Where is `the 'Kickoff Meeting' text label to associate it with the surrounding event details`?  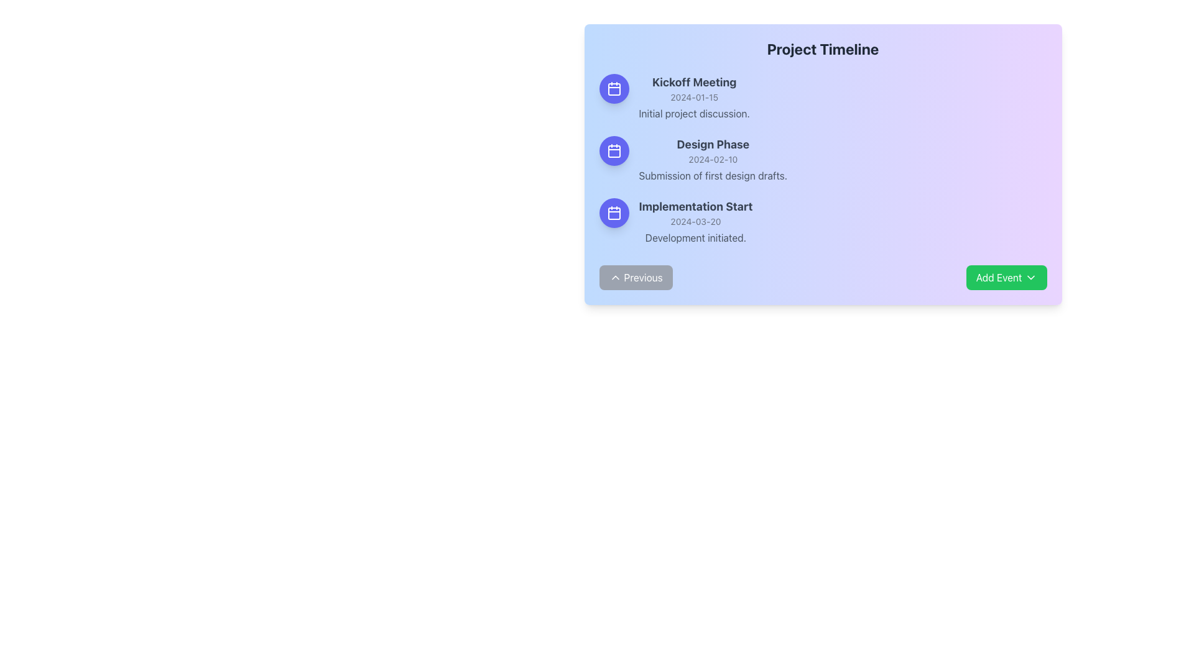
the 'Kickoff Meeting' text label to associate it with the surrounding event details is located at coordinates (693, 82).